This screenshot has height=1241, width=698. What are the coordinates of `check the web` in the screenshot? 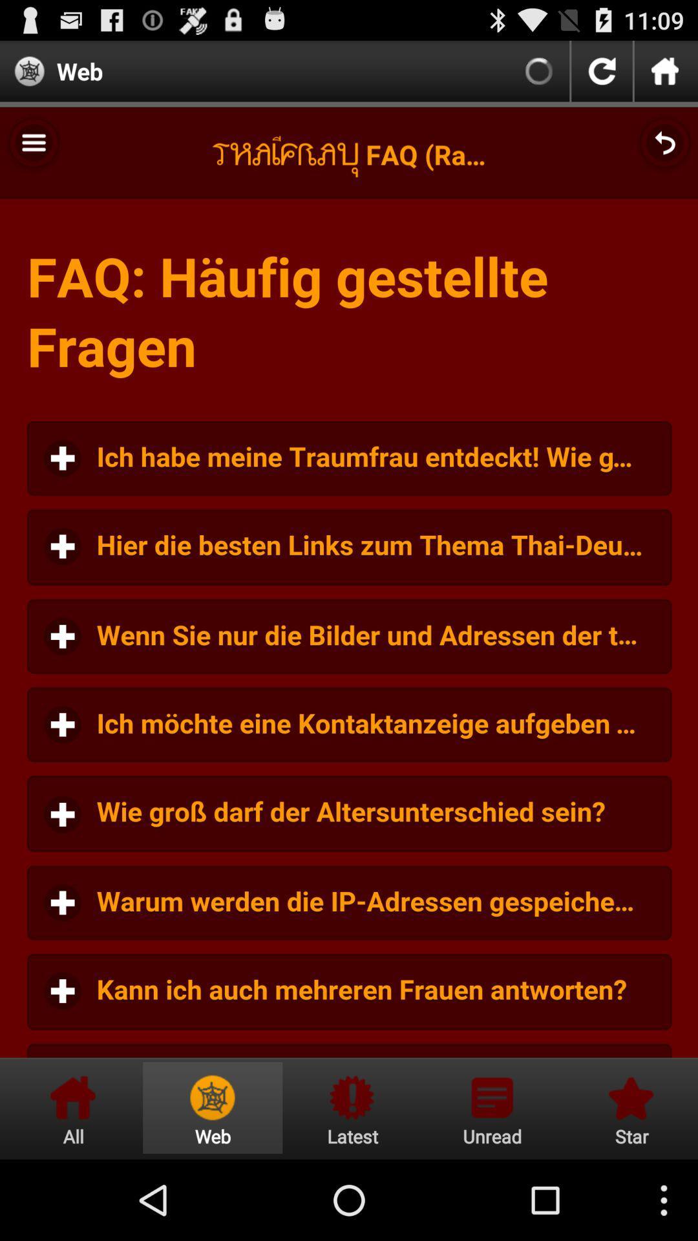 It's located at (212, 1107).